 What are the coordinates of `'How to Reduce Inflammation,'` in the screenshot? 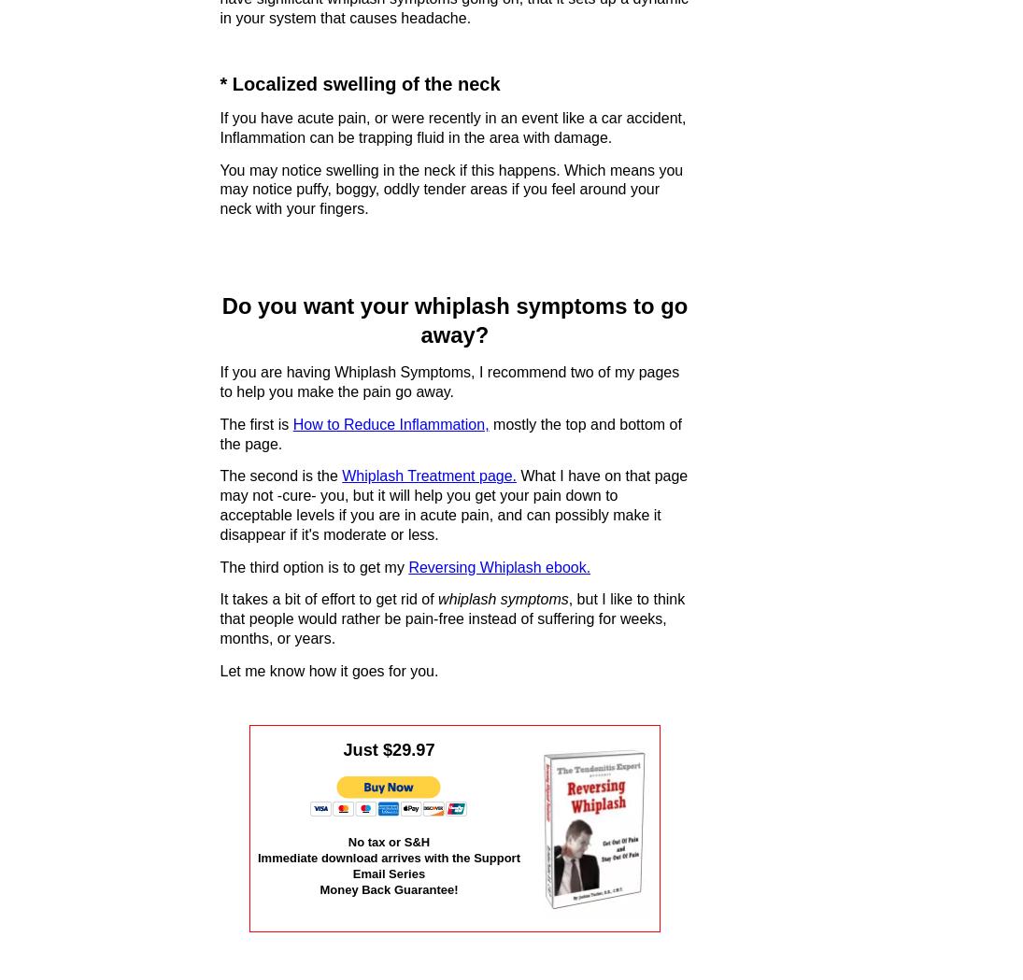 It's located at (389, 423).